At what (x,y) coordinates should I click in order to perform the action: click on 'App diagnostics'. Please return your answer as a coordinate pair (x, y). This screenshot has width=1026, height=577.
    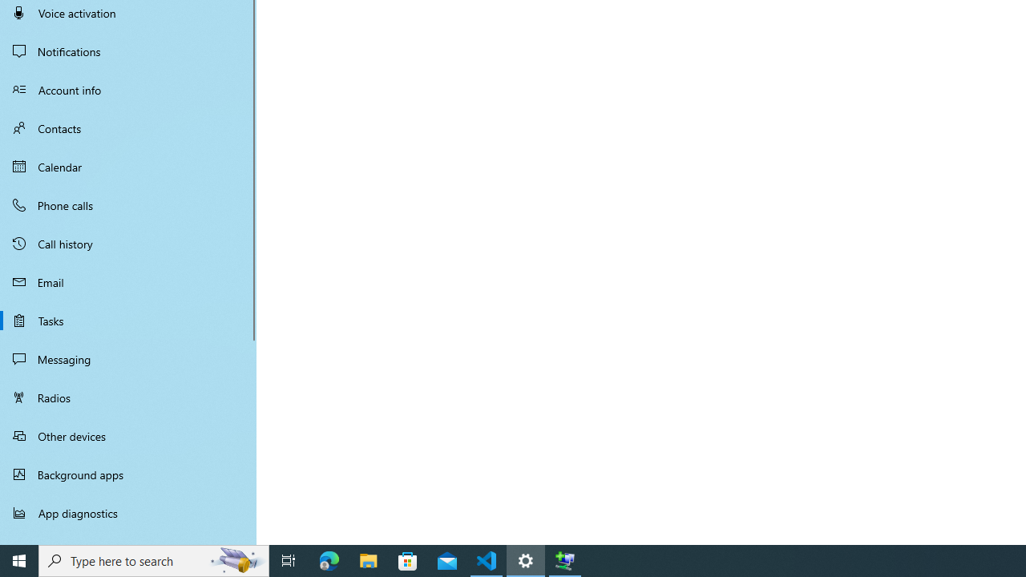
    Looking at the image, I should click on (128, 513).